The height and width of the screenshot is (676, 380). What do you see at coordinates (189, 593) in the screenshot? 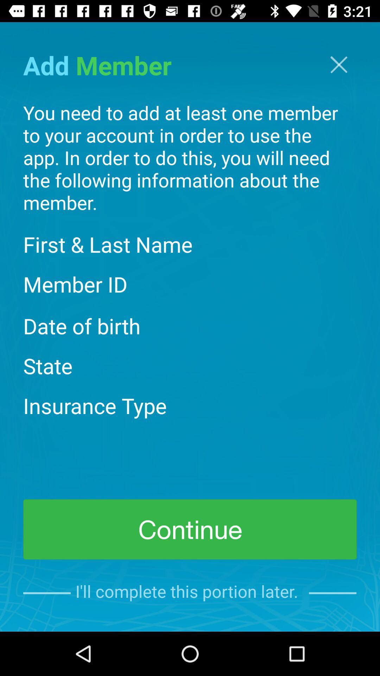
I see `i ll complete item` at bounding box center [189, 593].